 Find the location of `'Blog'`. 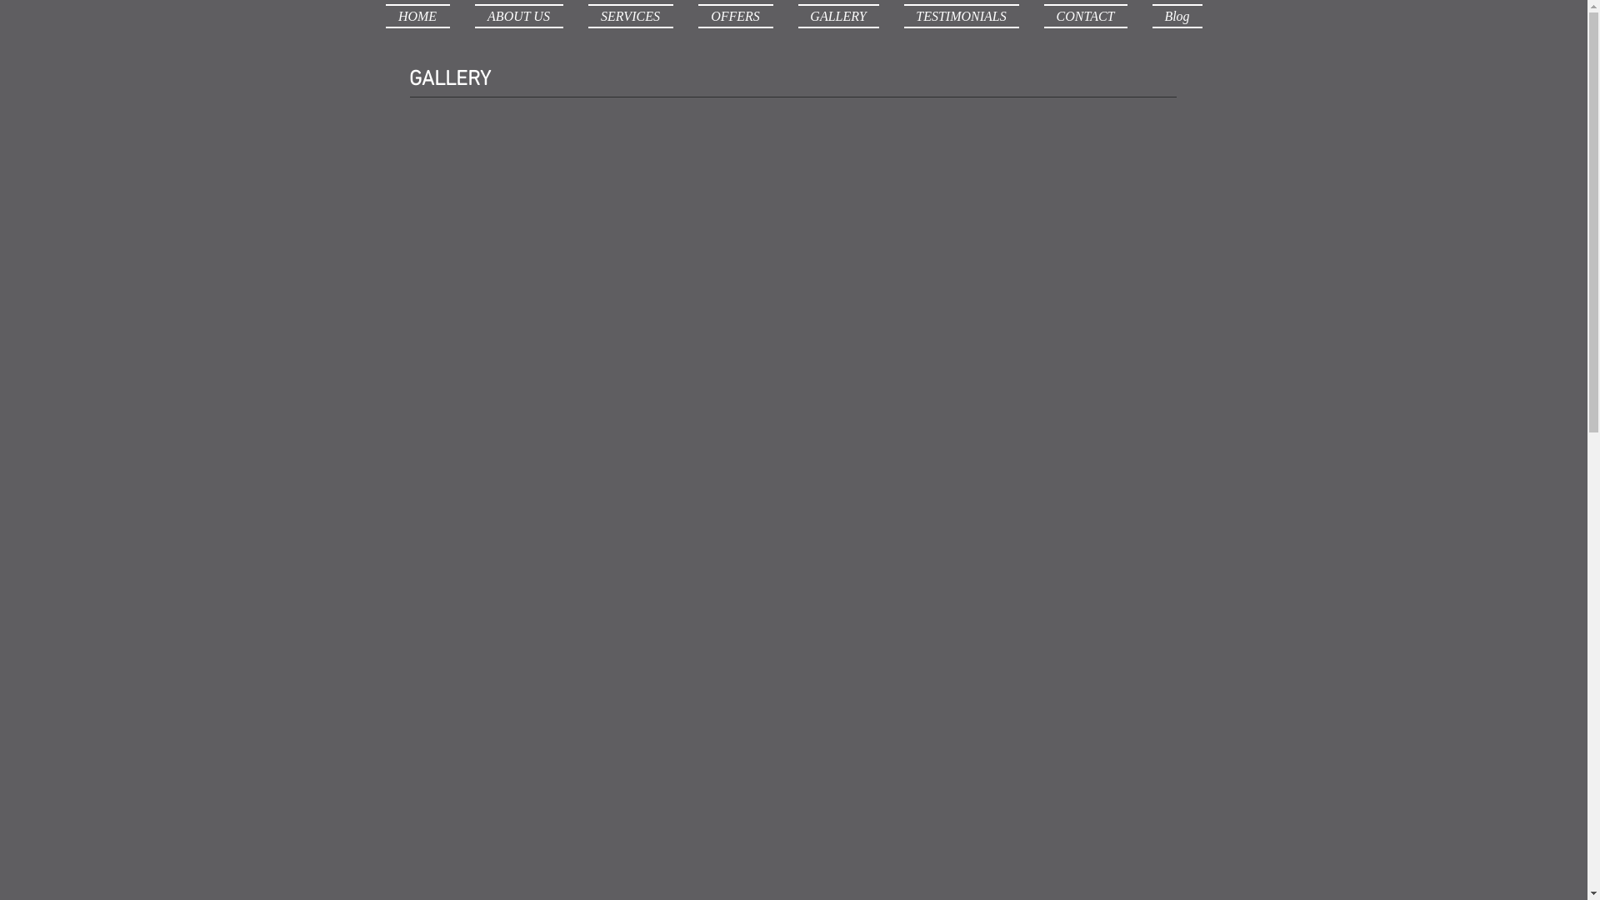

'Blog' is located at coordinates (1170, 16).